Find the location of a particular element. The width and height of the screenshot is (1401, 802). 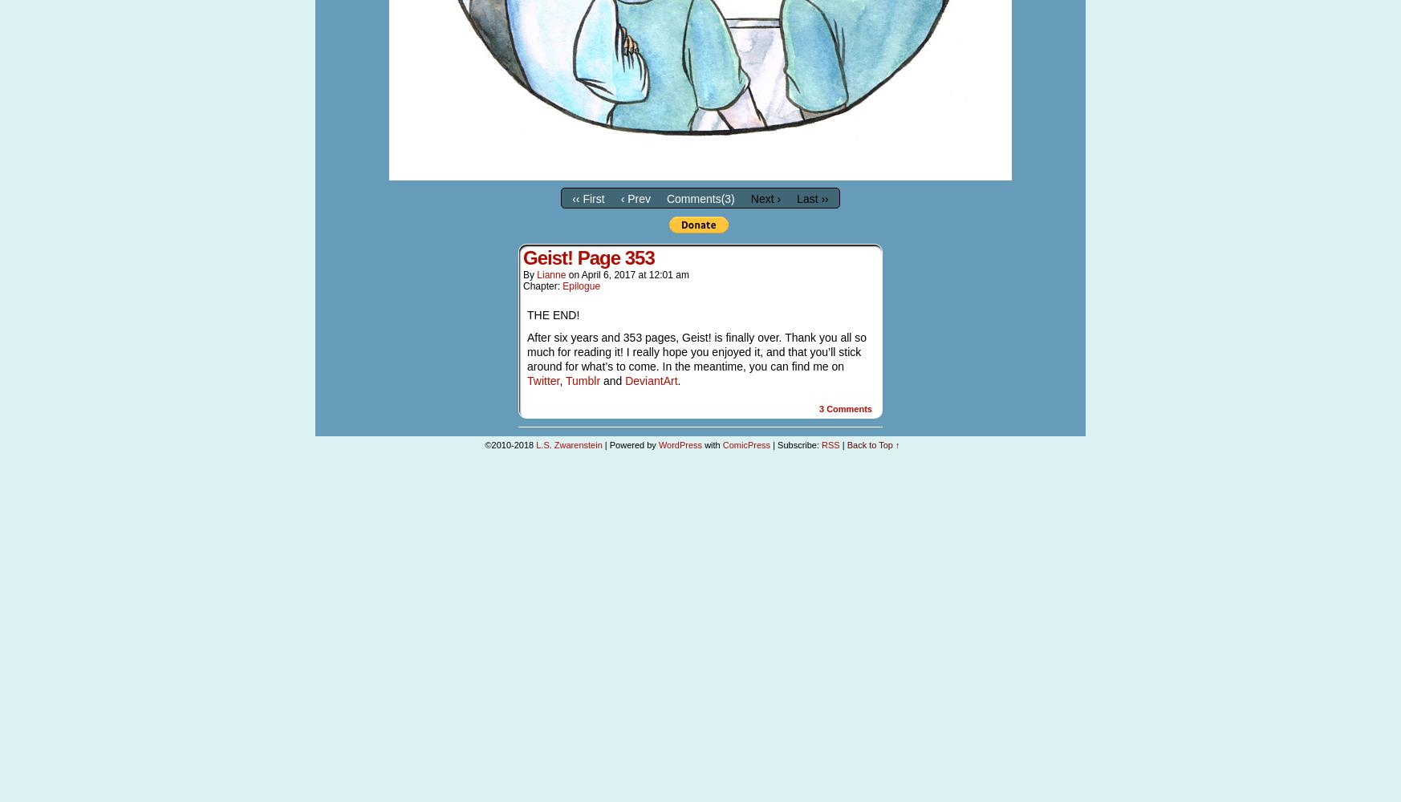

'‹ Prev' is located at coordinates (635, 197).